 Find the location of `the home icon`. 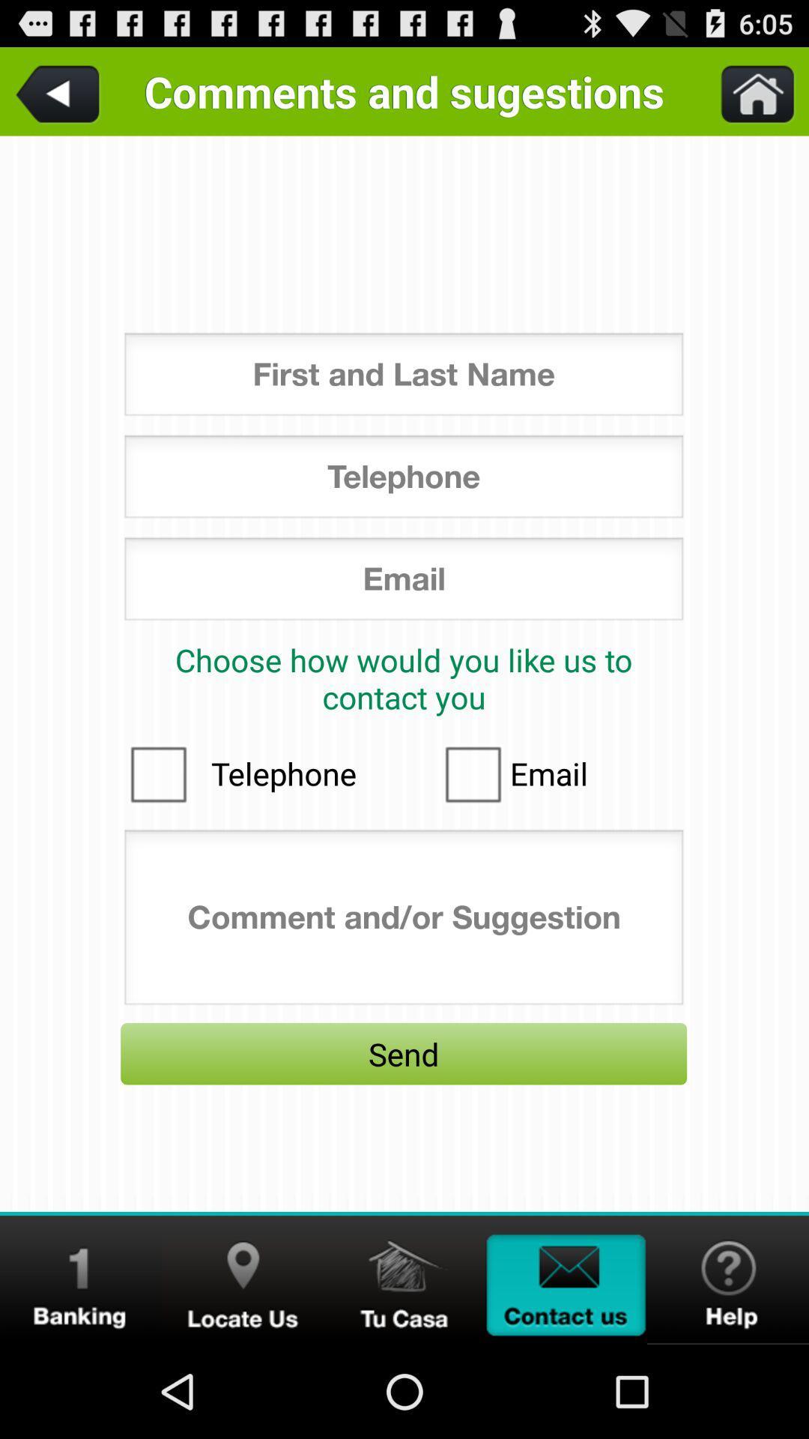

the home icon is located at coordinates (748, 97).